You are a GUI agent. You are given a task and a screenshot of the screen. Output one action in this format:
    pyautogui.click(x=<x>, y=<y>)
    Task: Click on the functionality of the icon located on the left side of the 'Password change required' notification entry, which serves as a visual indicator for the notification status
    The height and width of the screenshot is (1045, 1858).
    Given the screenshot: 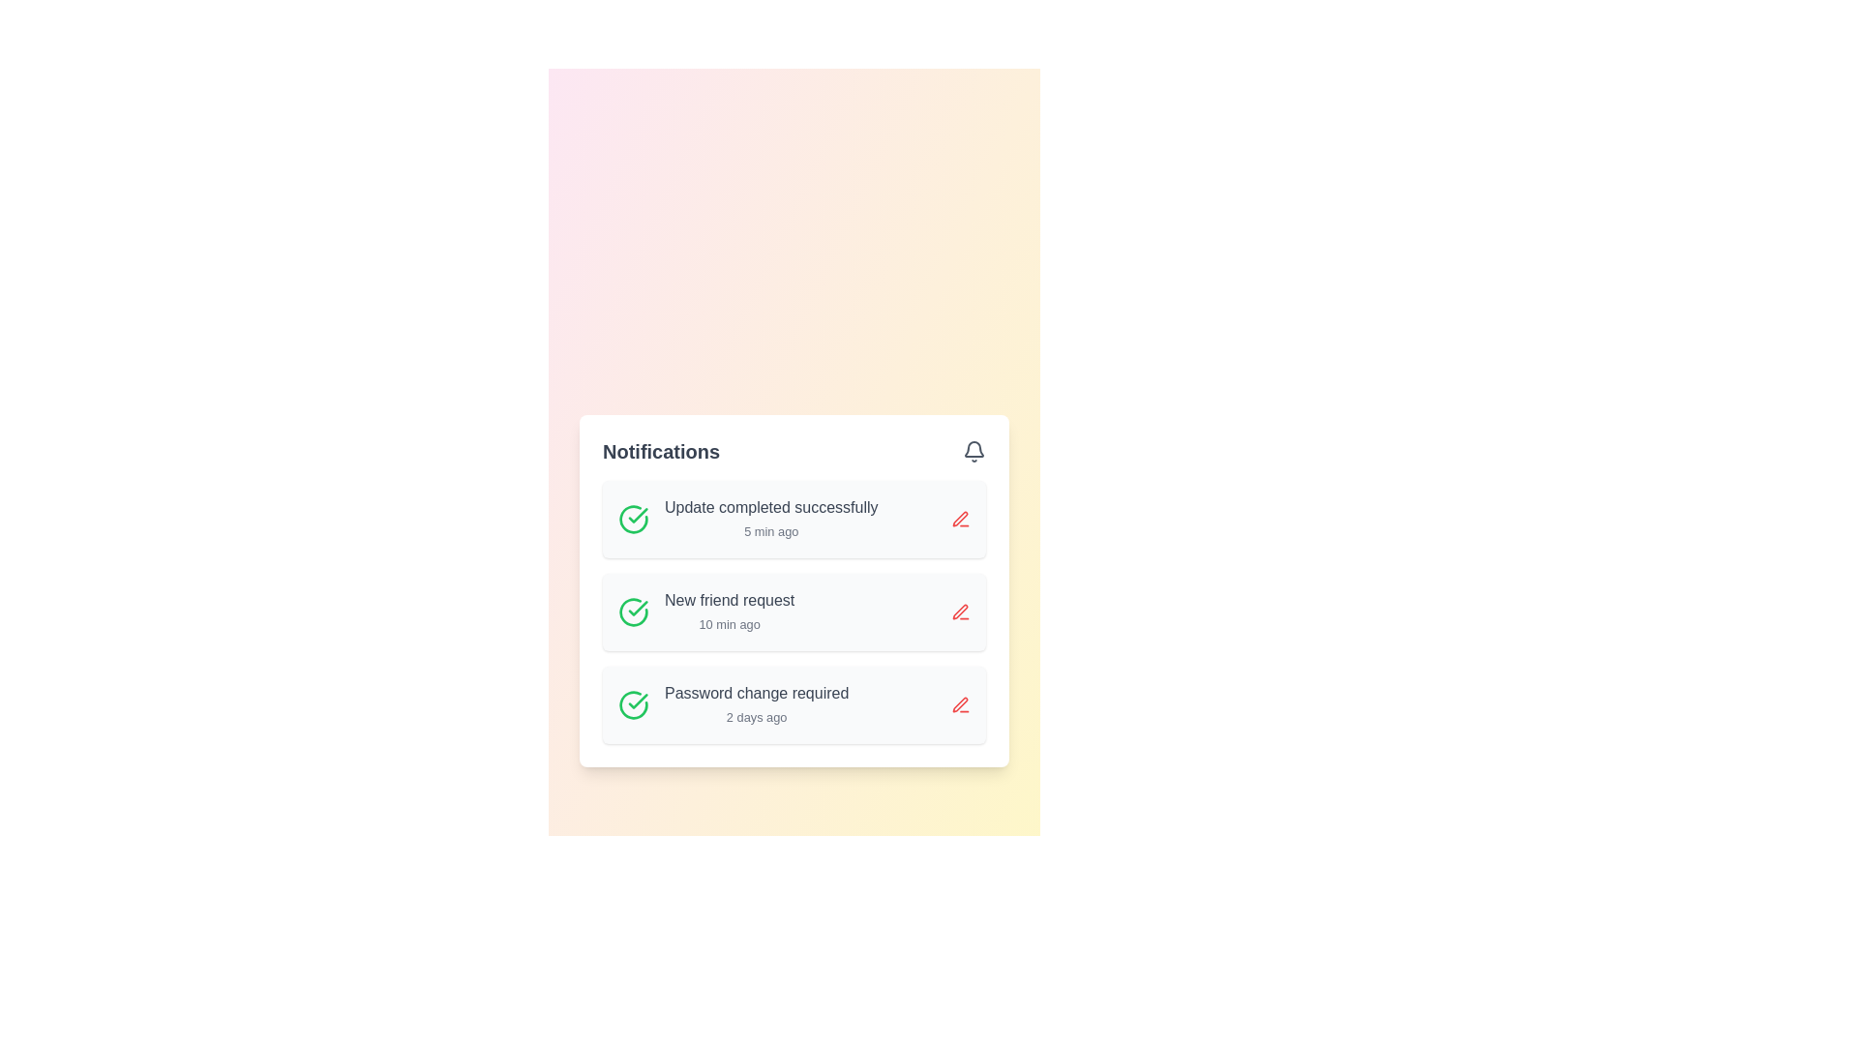 What is the action you would take?
    pyautogui.click(x=633, y=705)
    